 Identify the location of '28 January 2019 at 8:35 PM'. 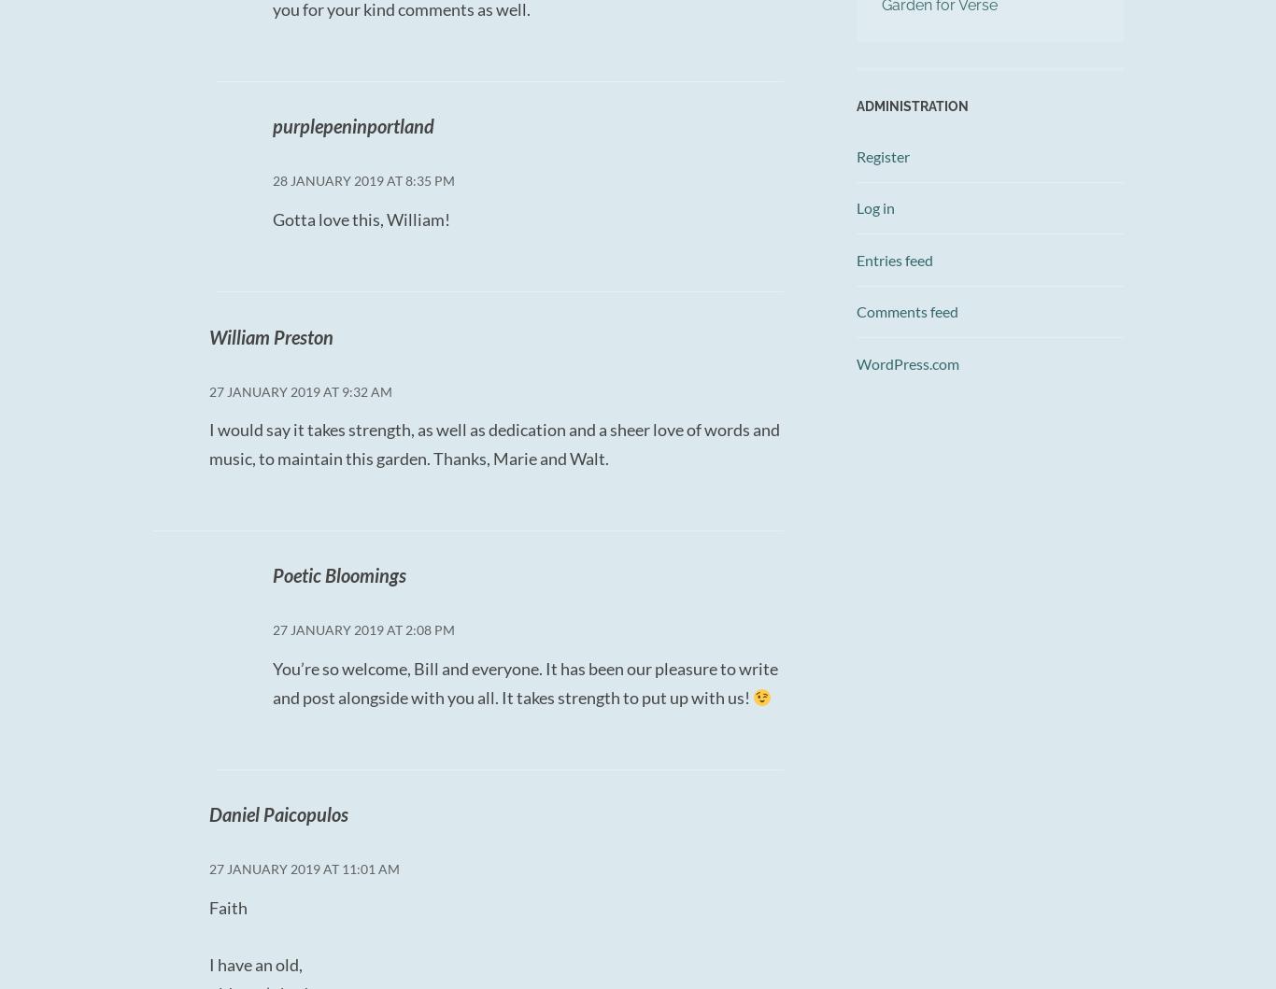
(362, 179).